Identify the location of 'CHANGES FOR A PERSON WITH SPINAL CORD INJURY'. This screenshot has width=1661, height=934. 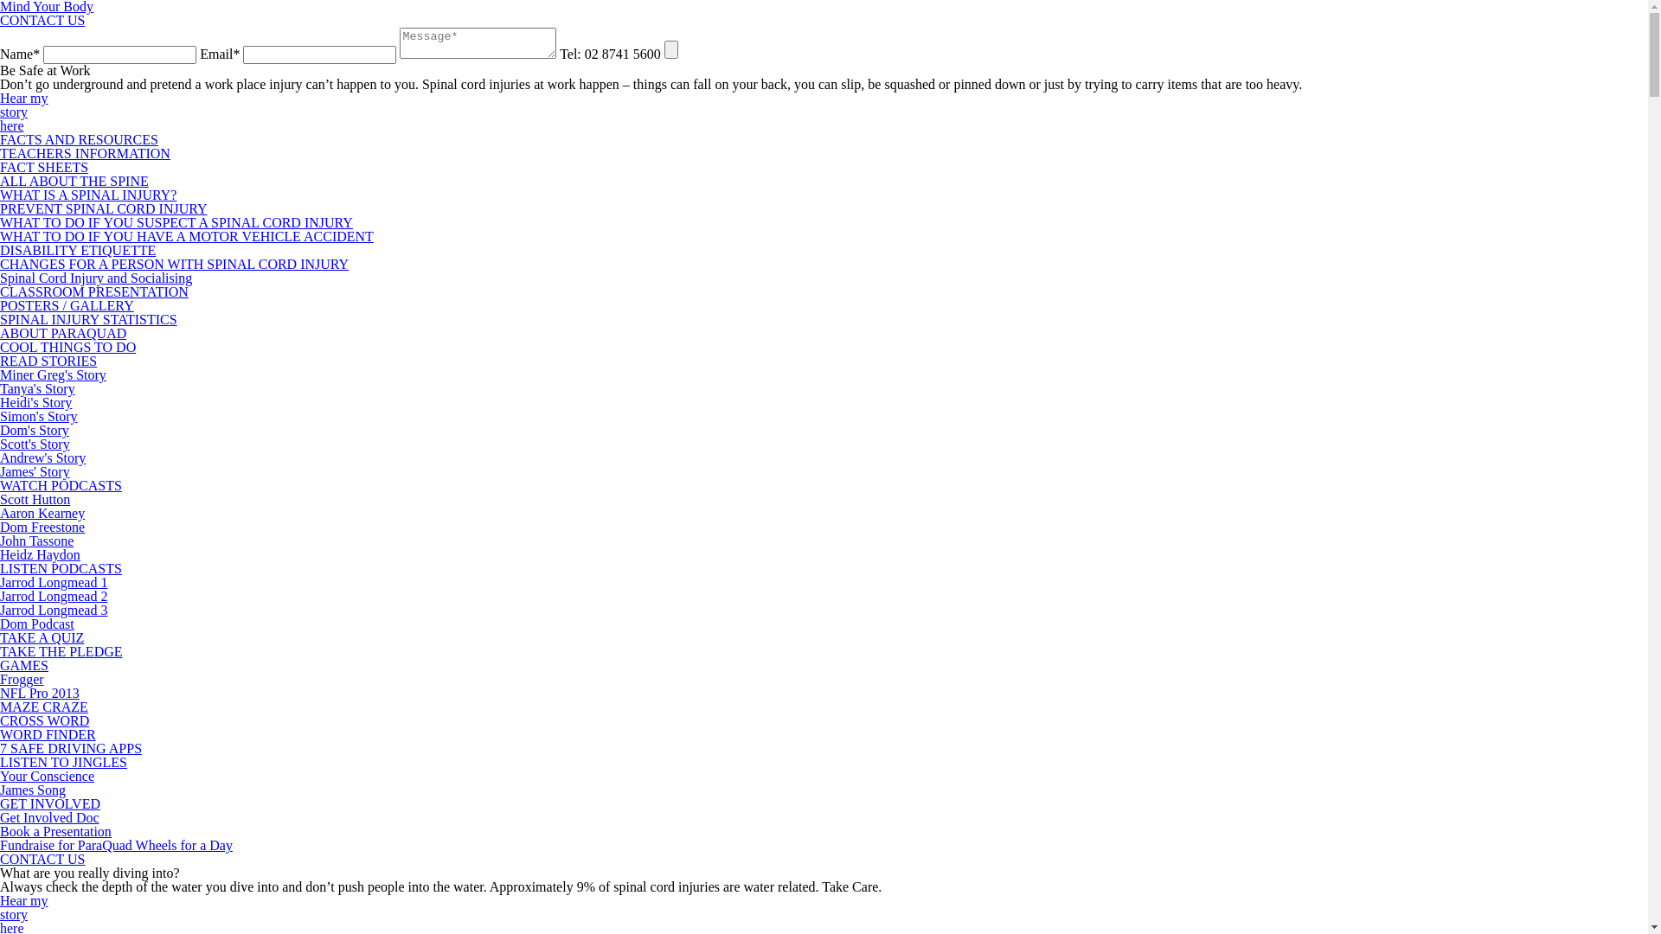
(0, 264).